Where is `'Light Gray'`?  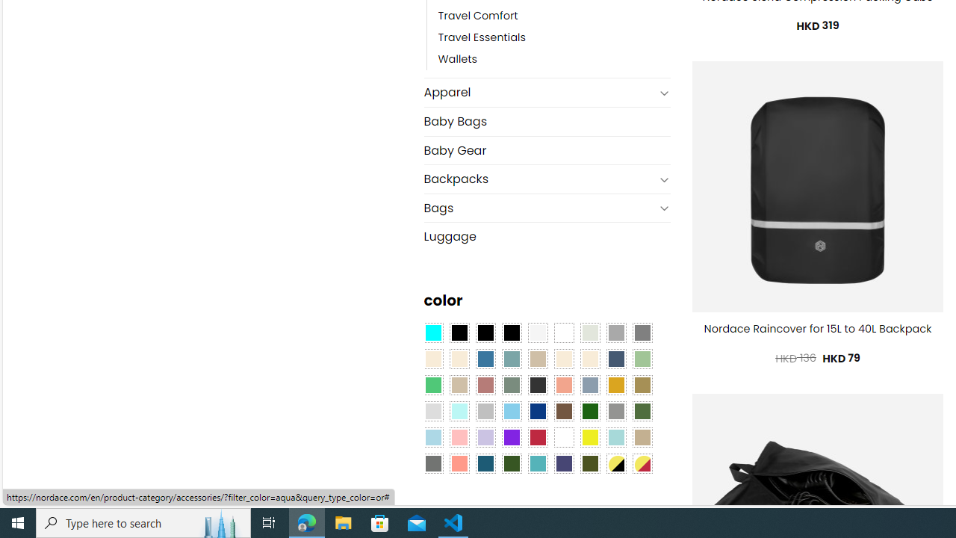
'Light Gray' is located at coordinates (432, 411).